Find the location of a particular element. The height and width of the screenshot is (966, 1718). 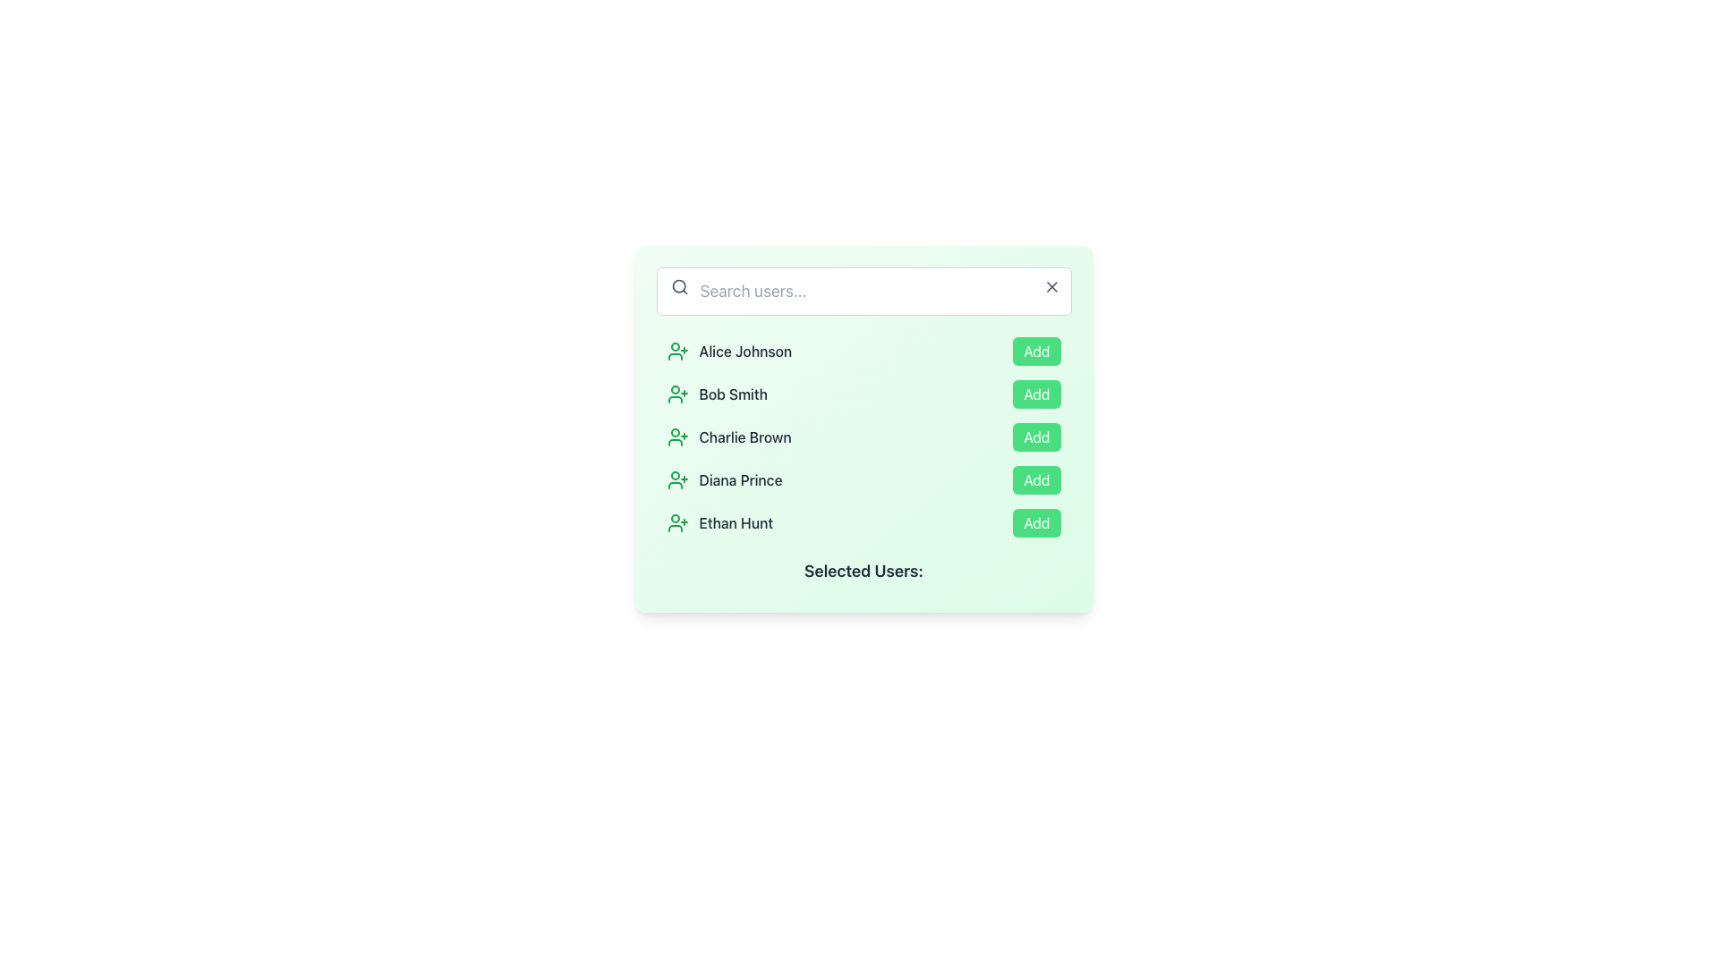

the text element displaying the name 'Diana Prince', which is the fourth item in a vertical list, with a medium font weight and gray color, positioned inline with an icon and an 'Add' button is located at coordinates (741, 479).